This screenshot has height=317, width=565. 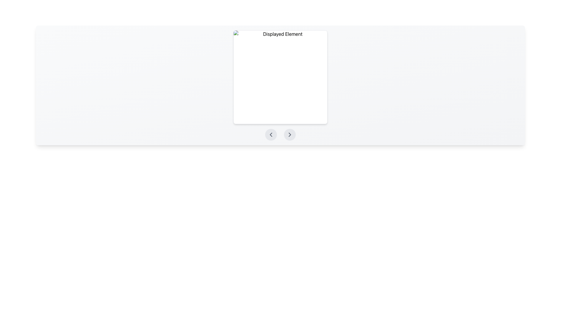 What do you see at coordinates (280, 135) in the screenshot?
I see `the control group containing navigation buttons and an indicator below the displayed image` at bounding box center [280, 135].